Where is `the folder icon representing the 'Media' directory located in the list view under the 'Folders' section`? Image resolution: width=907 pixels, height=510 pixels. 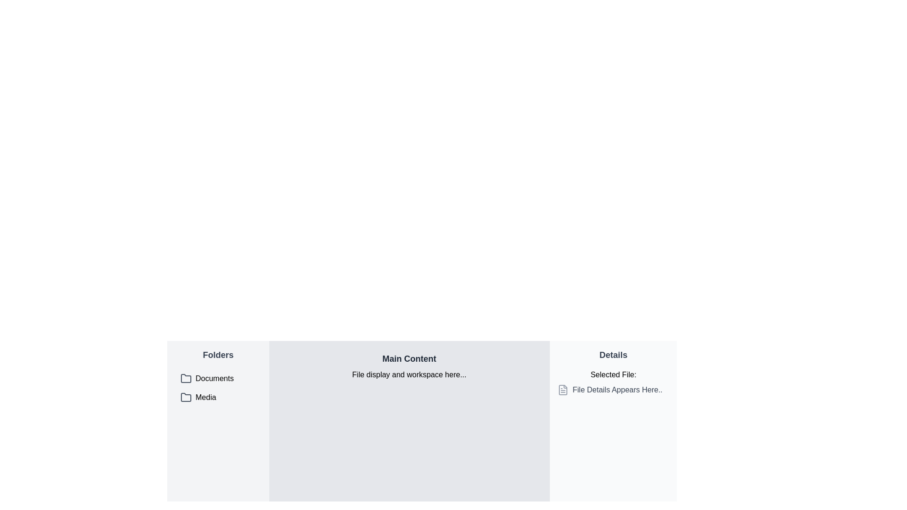
the folder icon representing the 'Media' directory located in the list view under the 'Folders' section is located at coordinates (186, 397).